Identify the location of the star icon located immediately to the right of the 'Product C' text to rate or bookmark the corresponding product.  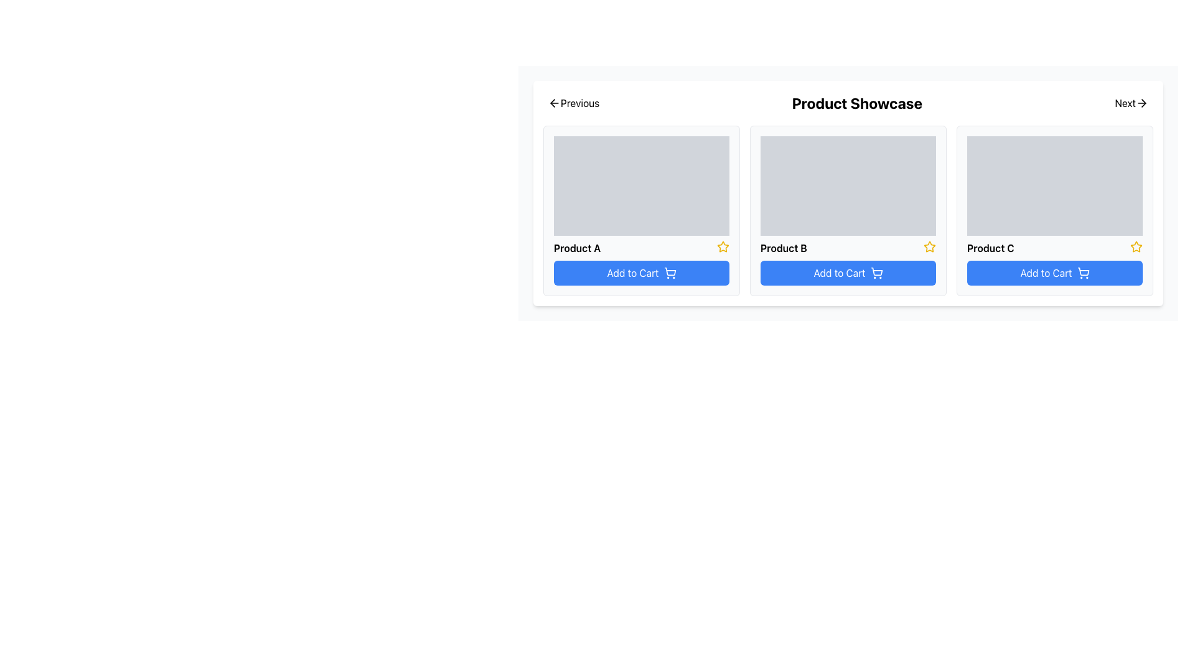
(1136, 247).